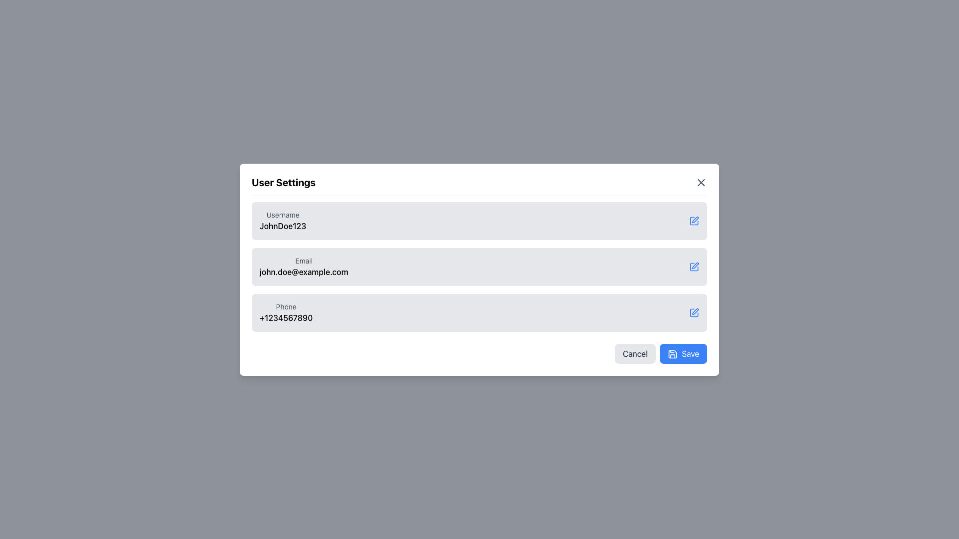  What do you see at coordinates (282, 220) in the screenshot?
I see `the 'Username' text element to trigger the tooltip` at bounding box center [282, 220].